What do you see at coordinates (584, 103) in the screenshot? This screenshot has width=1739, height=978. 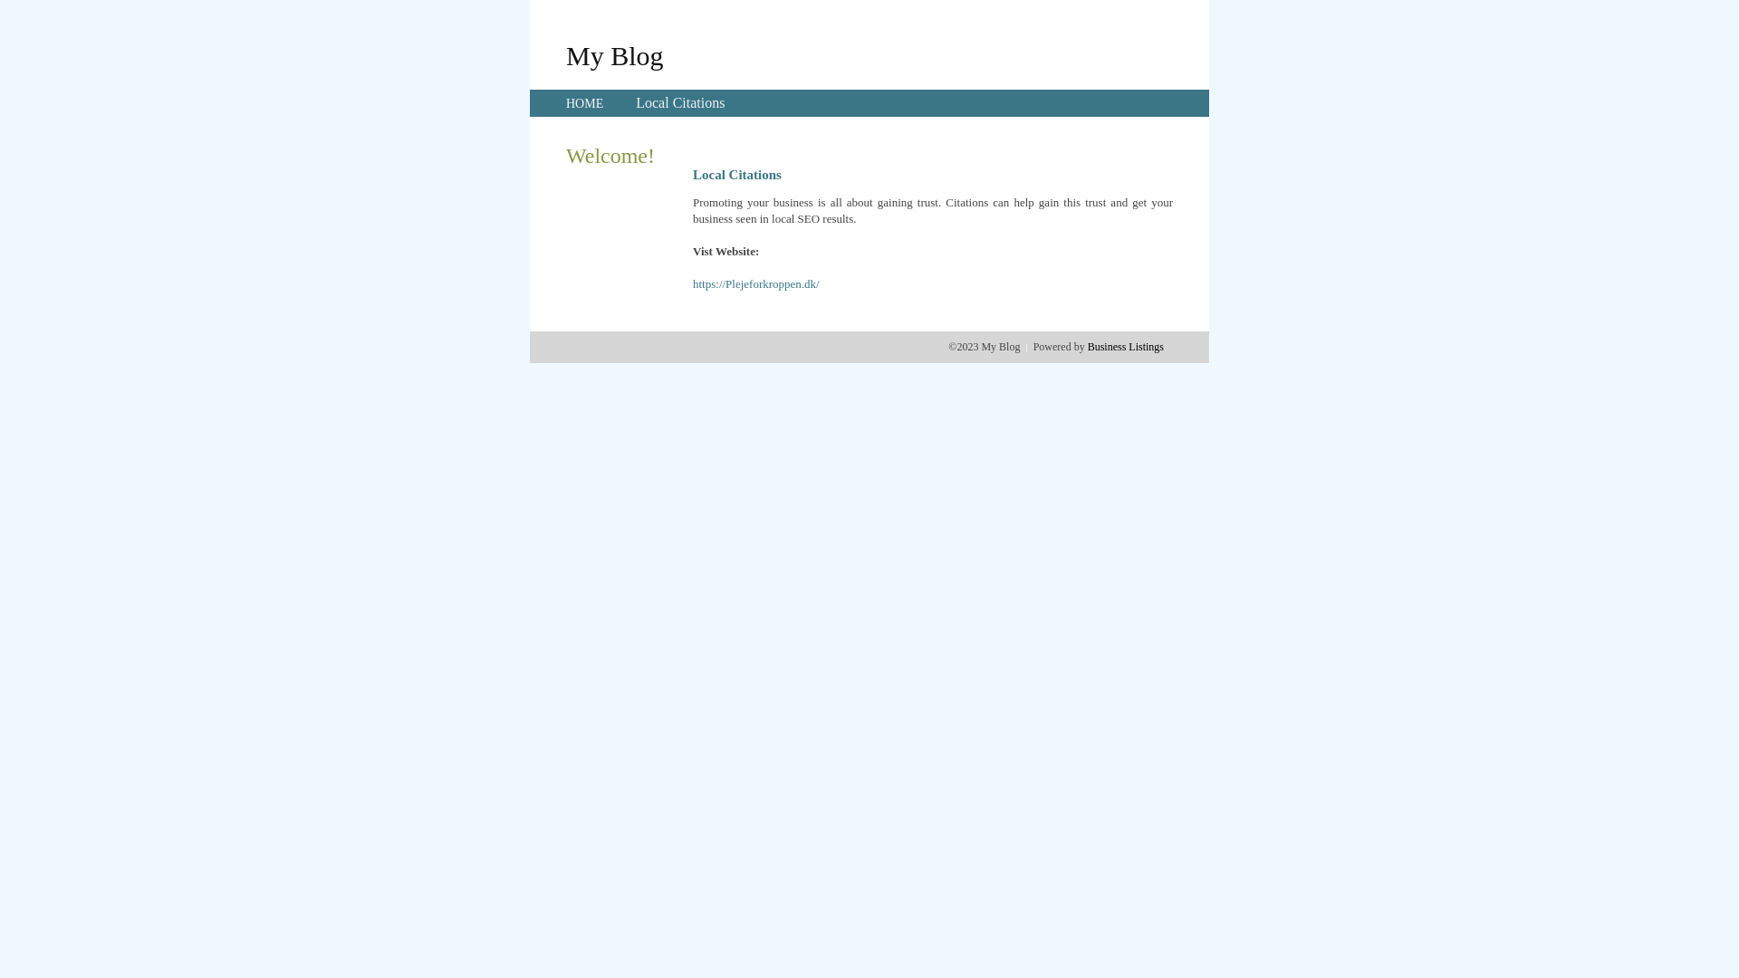 I see `'HOME'` at bounding box center [584, 103].